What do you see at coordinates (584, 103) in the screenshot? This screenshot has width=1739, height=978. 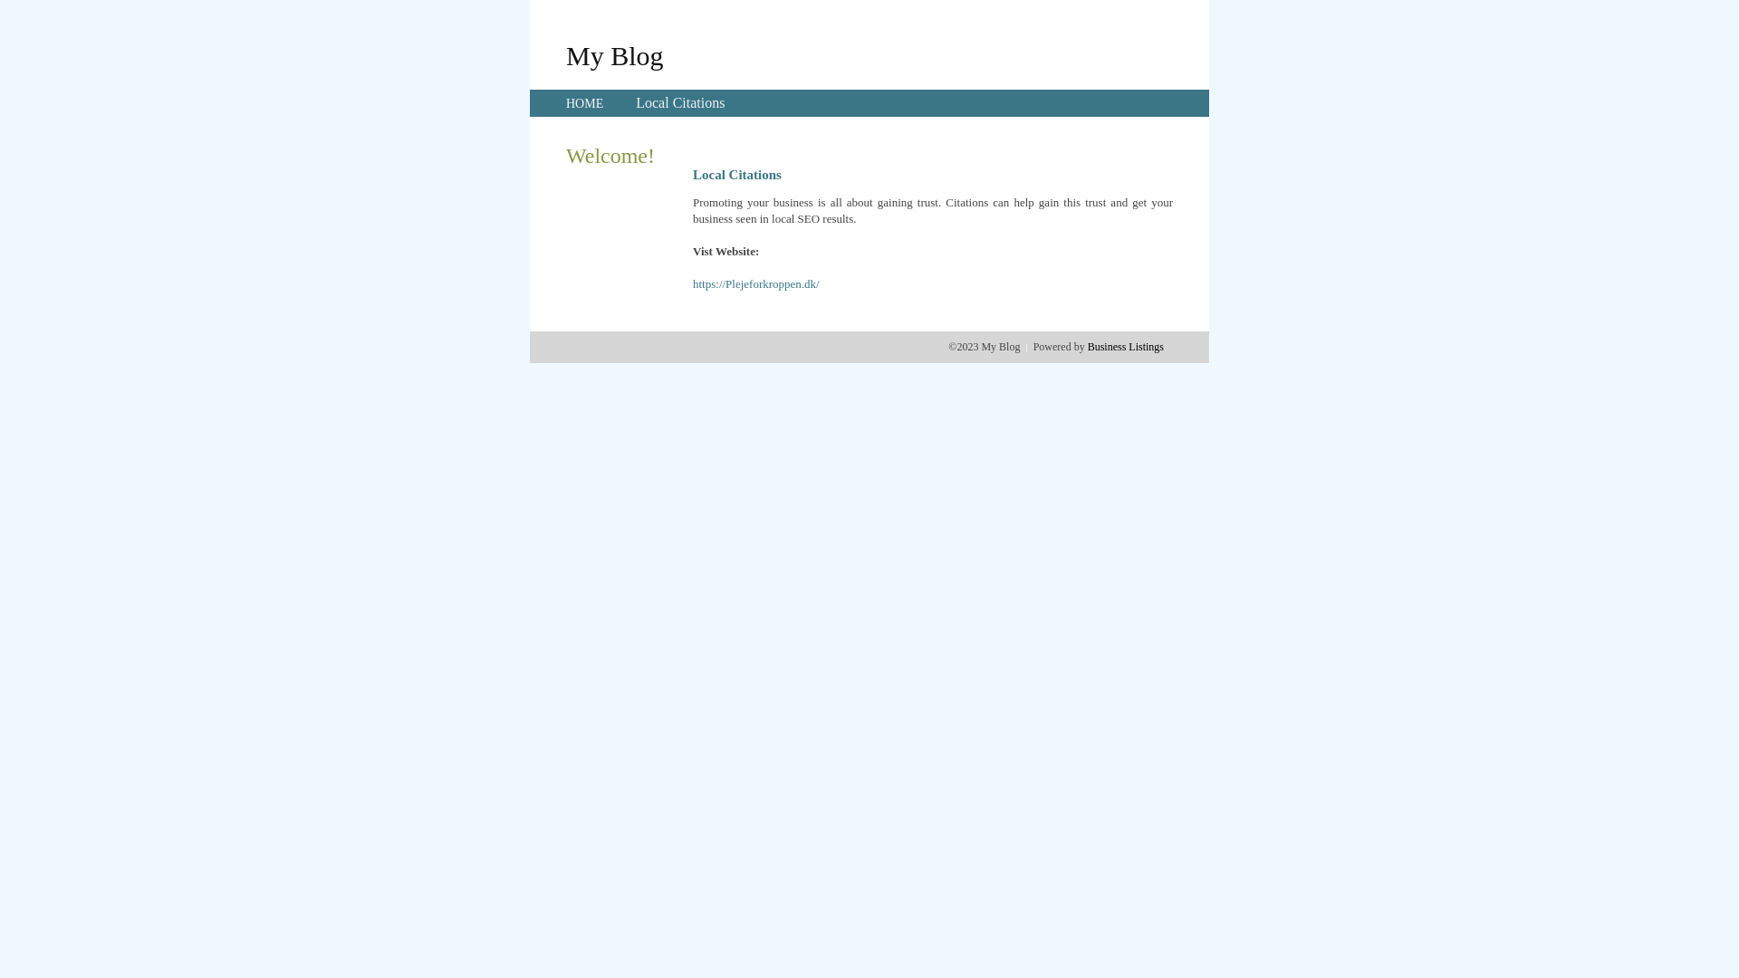 I see `'HOME'` at bounding box center [584, 103].